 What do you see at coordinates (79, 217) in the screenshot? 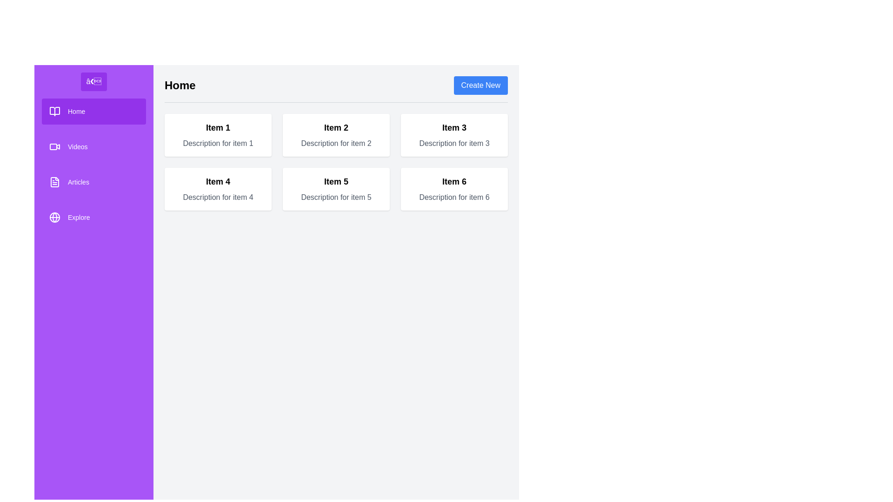
I see `the 'Explore' text located in the sidebar with a purple background, positioned to the right of a globe icon` at bounding box center [79, 217].